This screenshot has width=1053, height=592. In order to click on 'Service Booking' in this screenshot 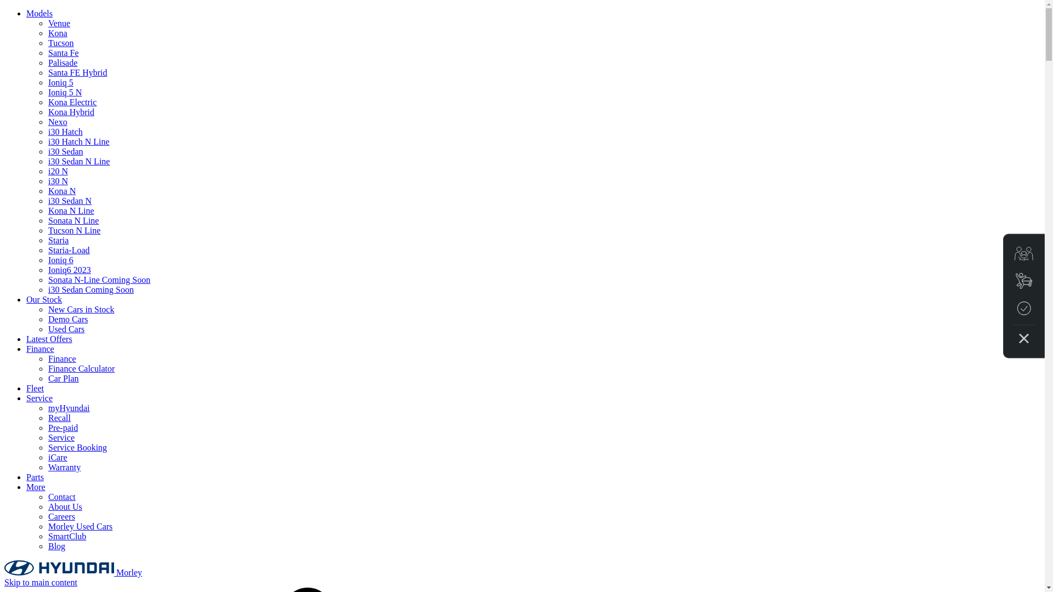, I will do `click(77, 447)`.